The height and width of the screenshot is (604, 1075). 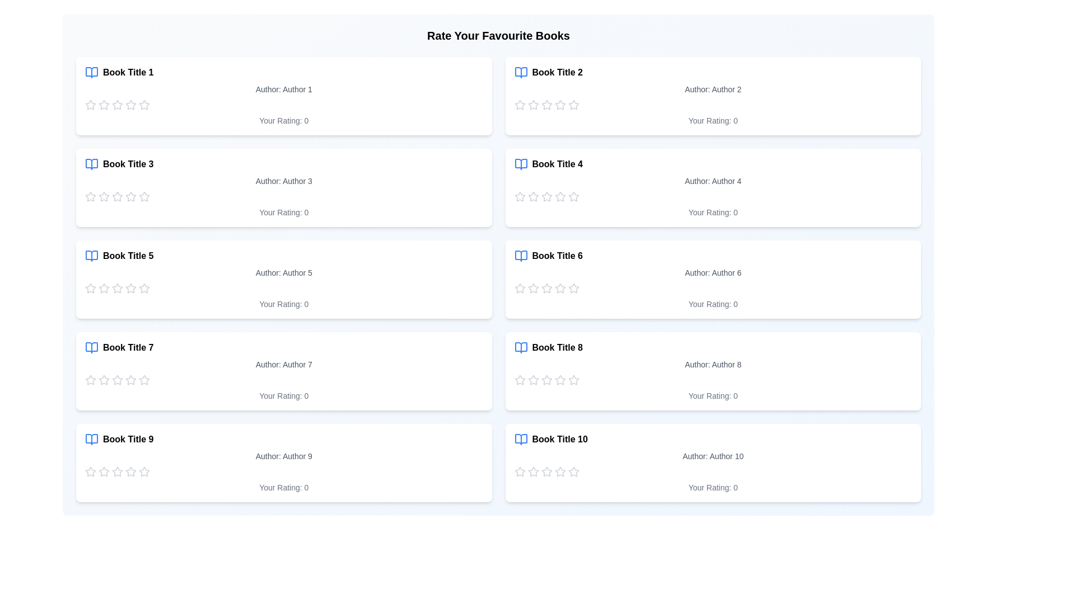 I want to click on the star icon to set the rating for a book to 2, so click(x=104, y=105).